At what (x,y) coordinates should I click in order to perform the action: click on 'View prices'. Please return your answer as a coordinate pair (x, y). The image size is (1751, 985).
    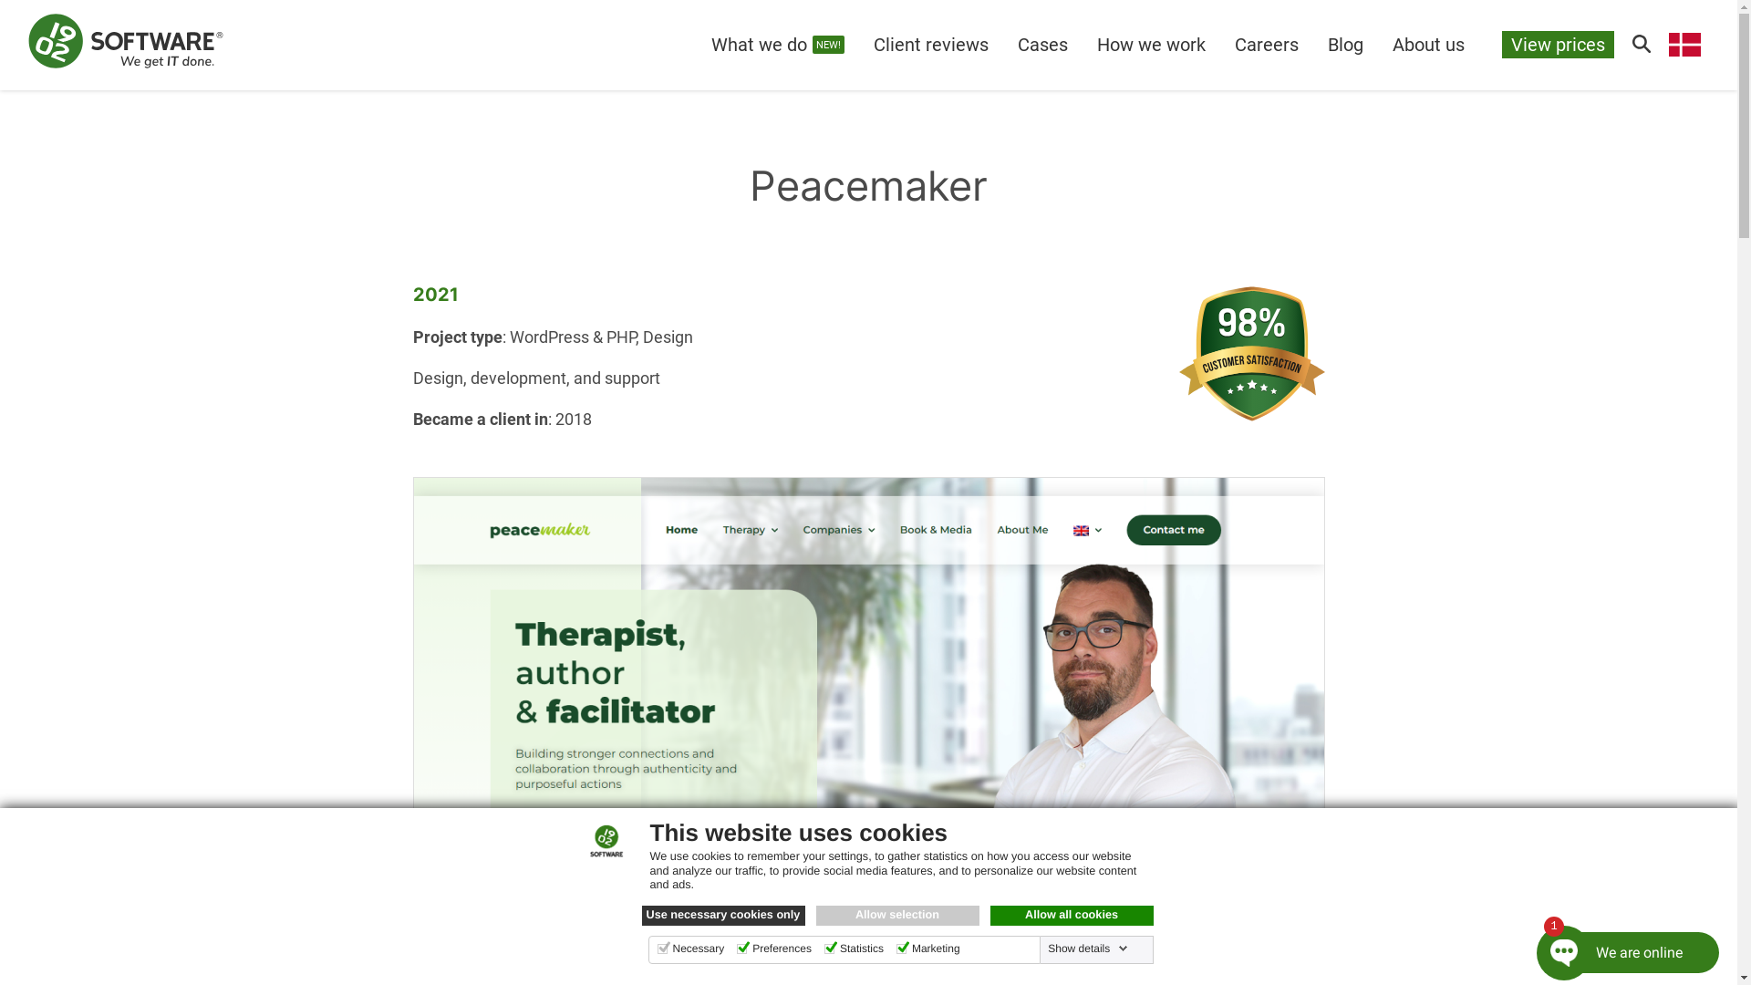
    Looking at the image, I should click on (1557, 44).